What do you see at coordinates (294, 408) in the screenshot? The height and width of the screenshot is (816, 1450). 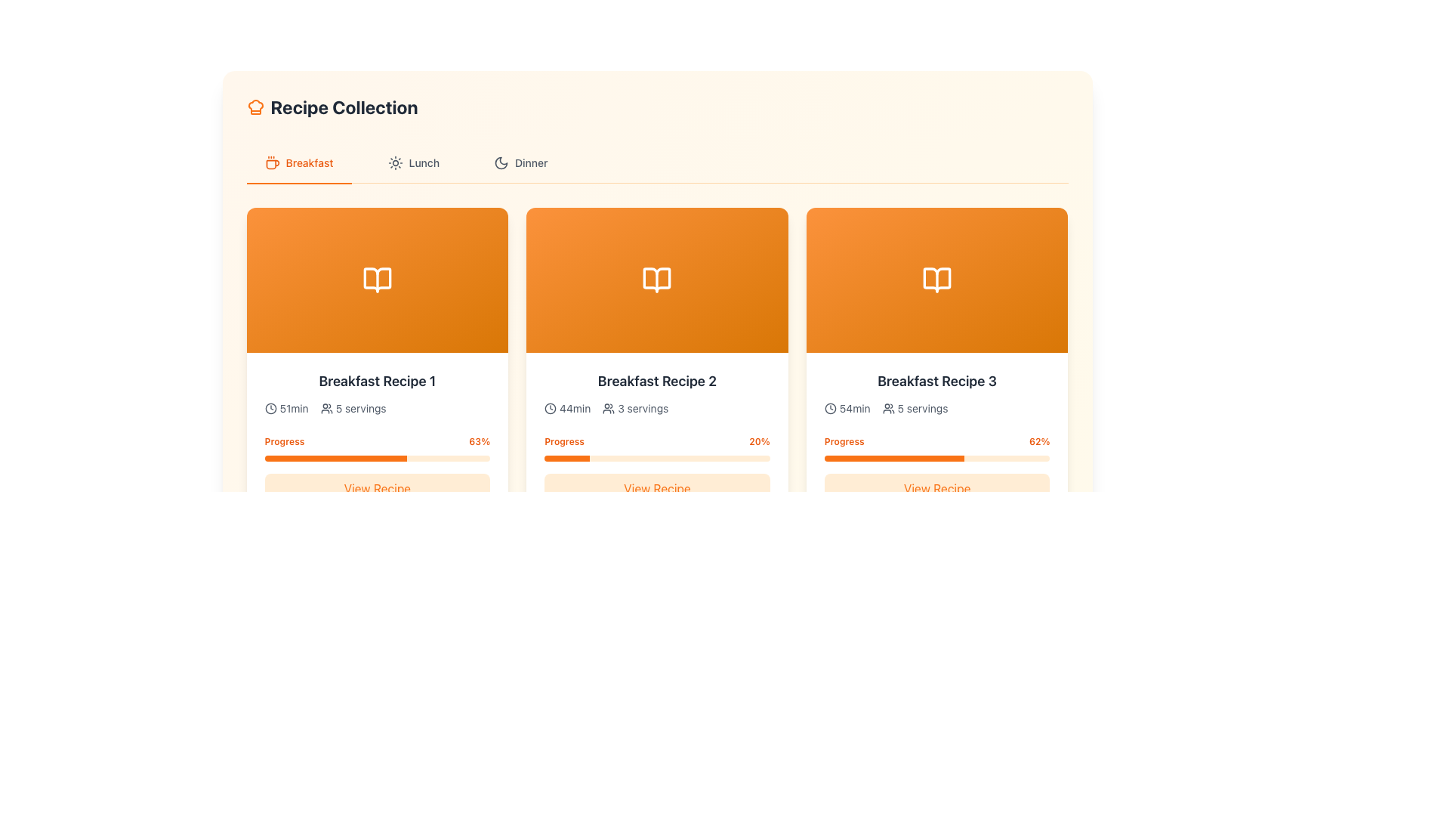 I see `the text label indicating the preparation or cooking time for 'Breakfast Recipe 1' in the 'Recipe Collection' section` at bounding box center [294, 408].